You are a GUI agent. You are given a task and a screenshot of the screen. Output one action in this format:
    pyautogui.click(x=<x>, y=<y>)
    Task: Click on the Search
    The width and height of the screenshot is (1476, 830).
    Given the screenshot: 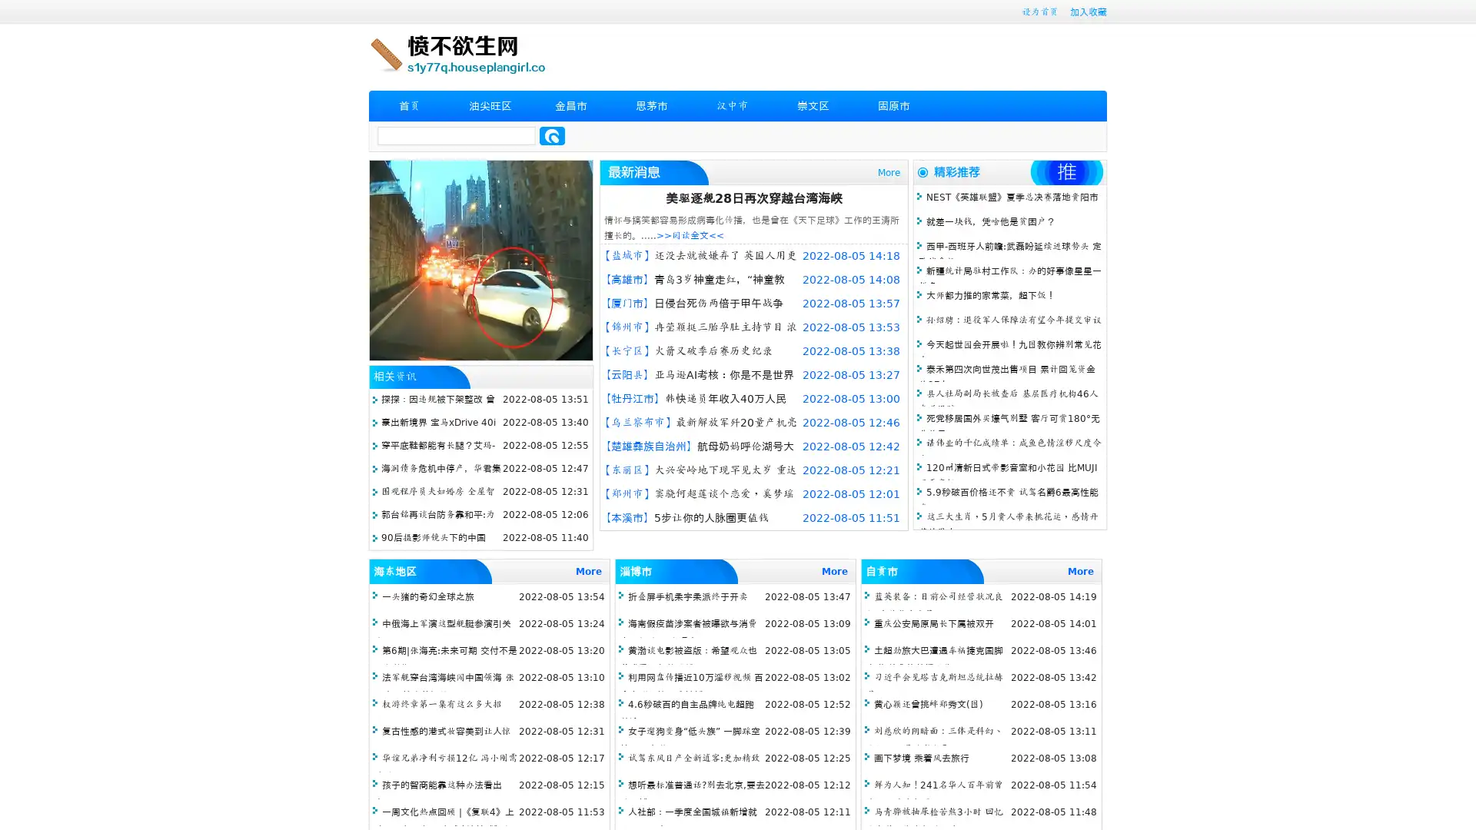 What is the action you would take?
    pyautogui.click(x=552, y=135)
    